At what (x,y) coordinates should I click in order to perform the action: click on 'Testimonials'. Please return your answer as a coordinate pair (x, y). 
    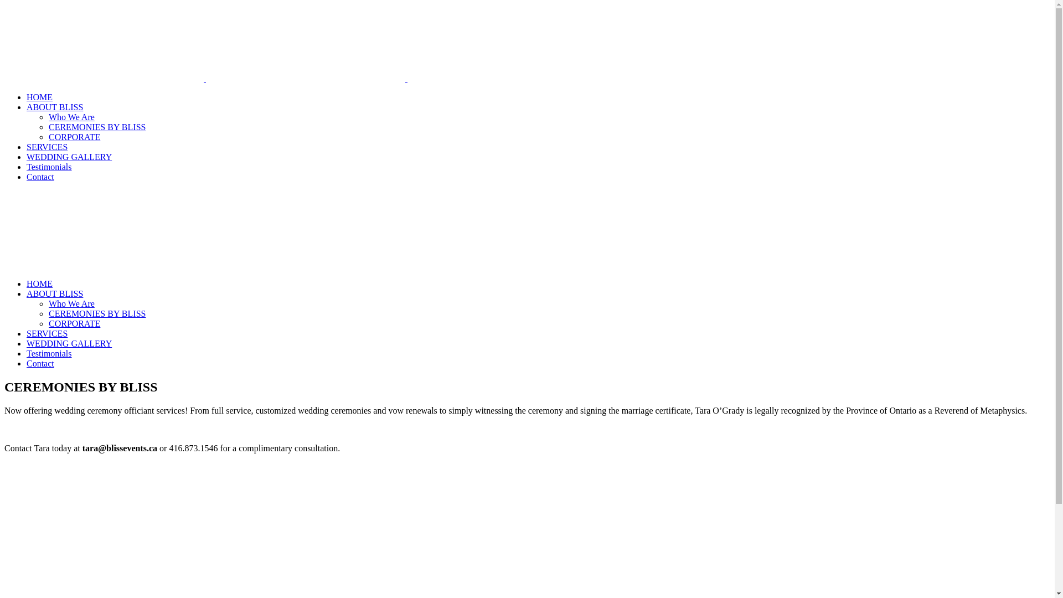
    Looking at the image, I should click on (49, 353).